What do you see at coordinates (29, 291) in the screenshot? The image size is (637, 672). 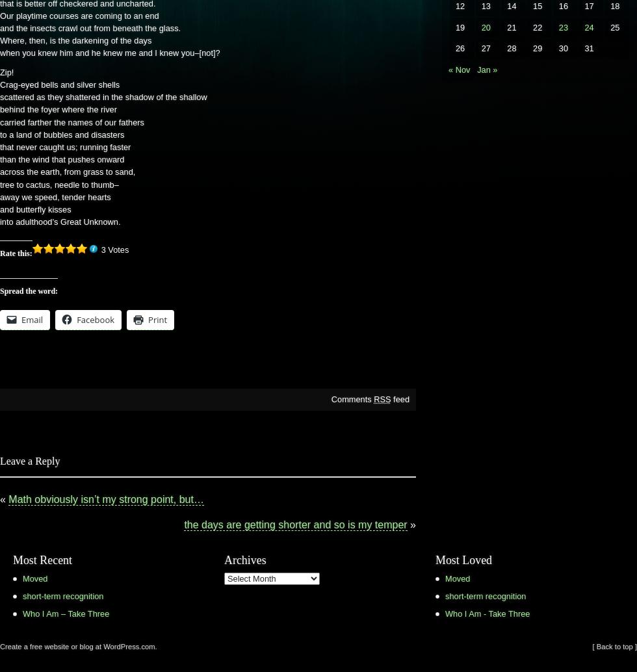 I see `'Spread the word:'` at bounding box center [29, 291].